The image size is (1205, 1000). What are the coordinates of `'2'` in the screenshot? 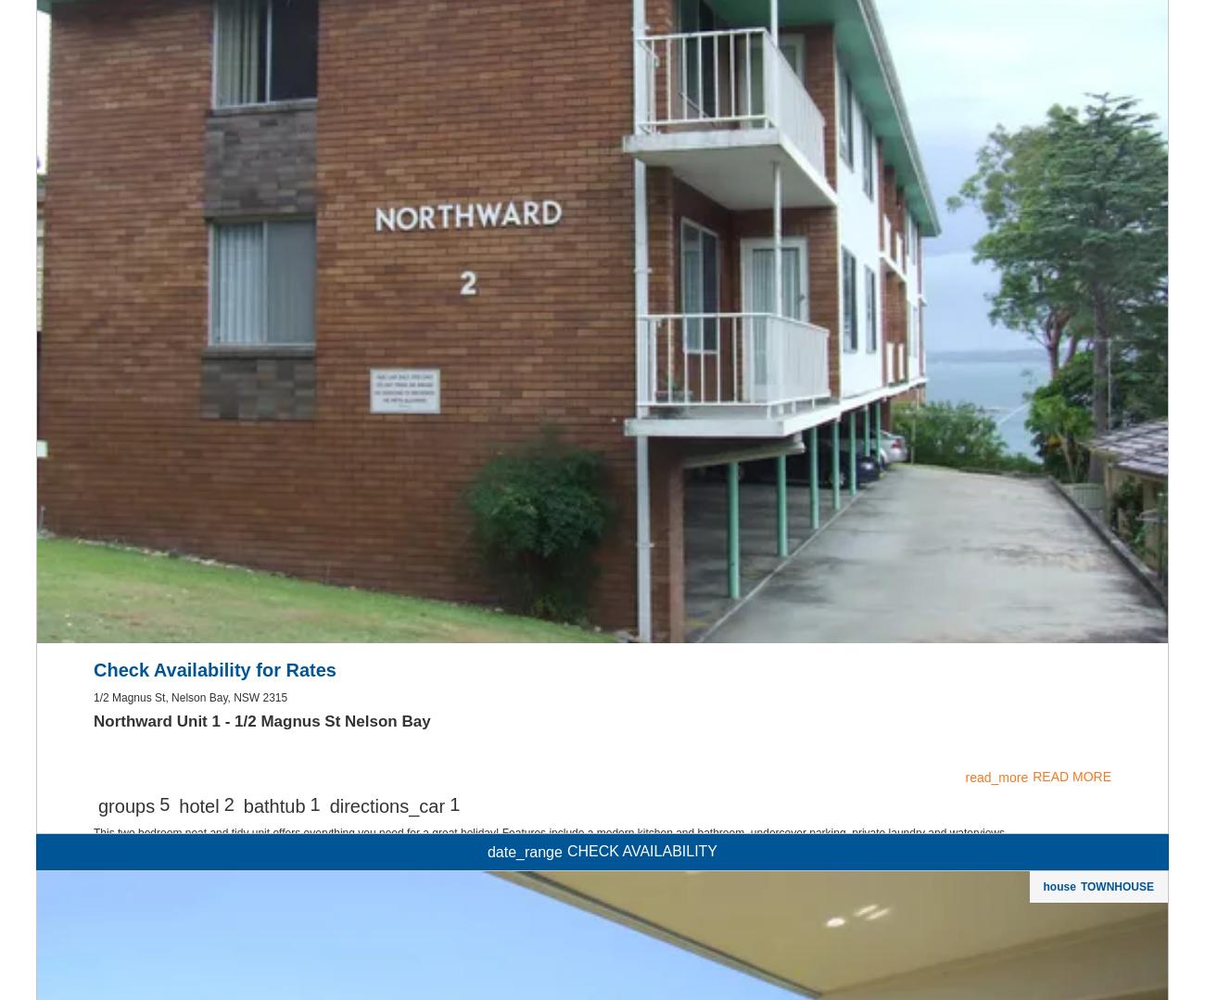 It's located at (227, 74).